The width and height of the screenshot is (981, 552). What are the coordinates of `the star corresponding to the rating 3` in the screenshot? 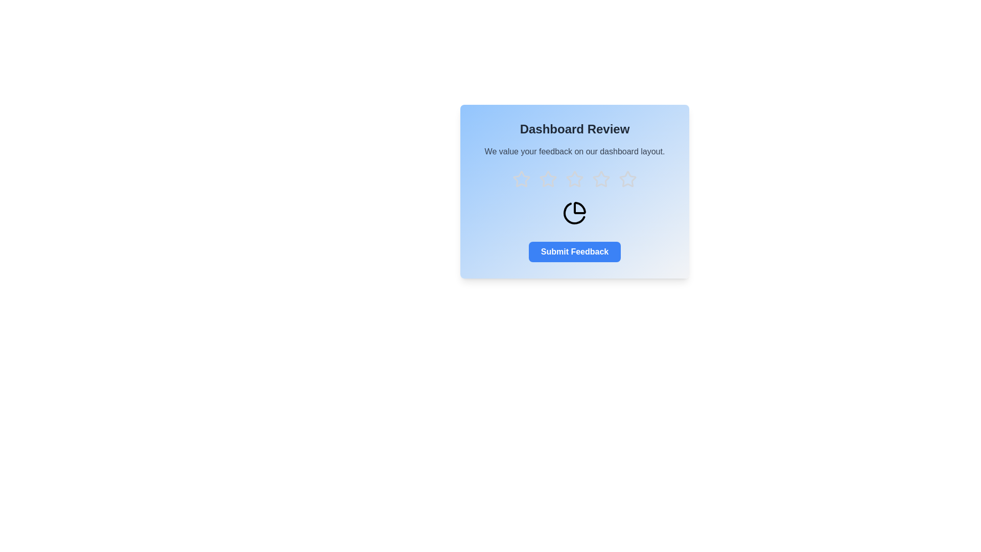 It's located at (574, 179).